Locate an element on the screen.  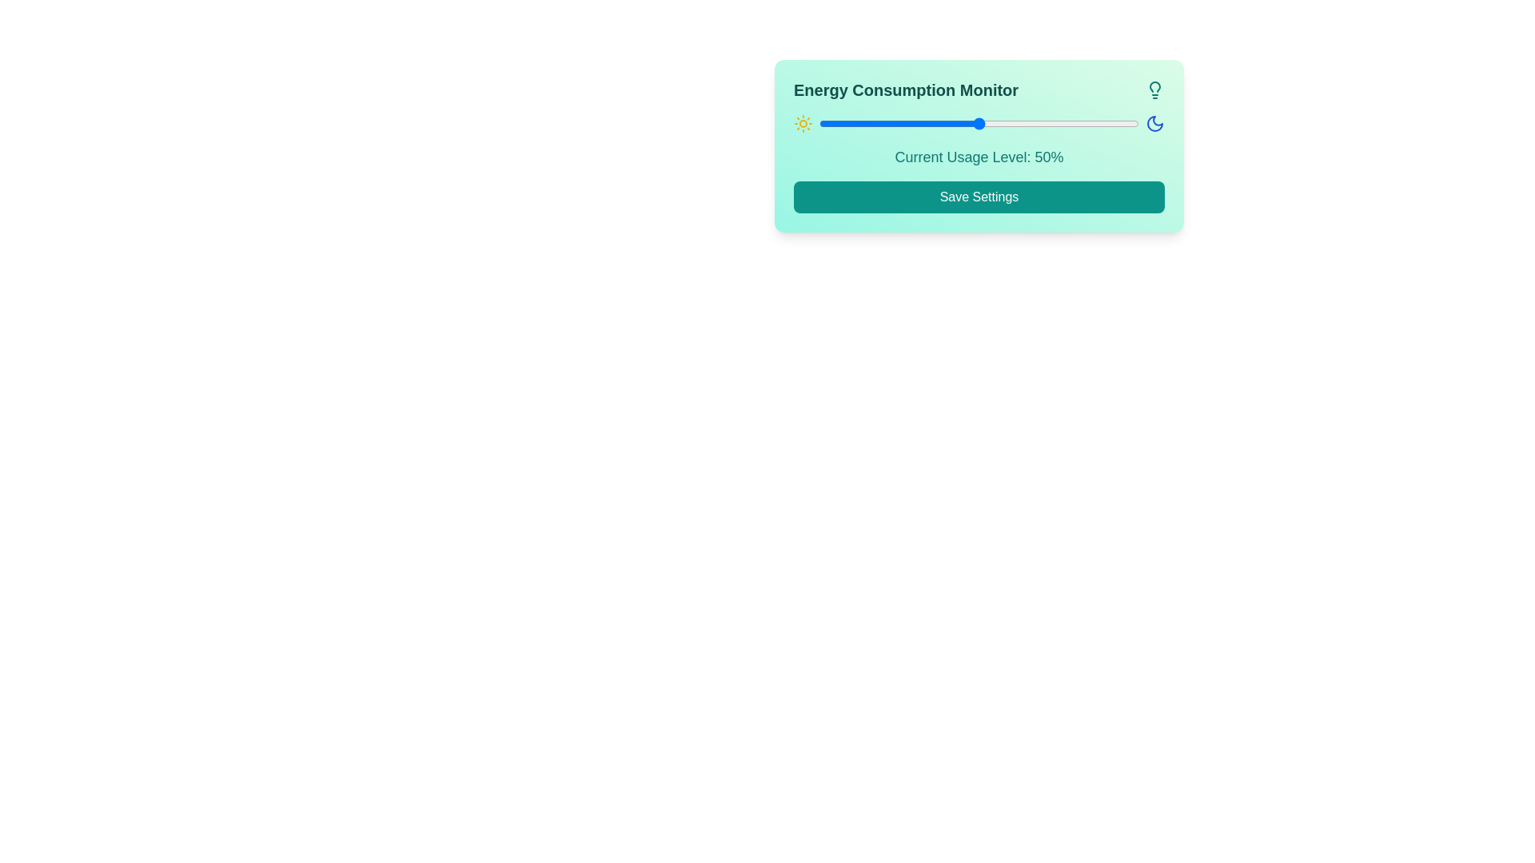
the slider to set the energy usage level to 64% is located at coordinates (1024, 122).